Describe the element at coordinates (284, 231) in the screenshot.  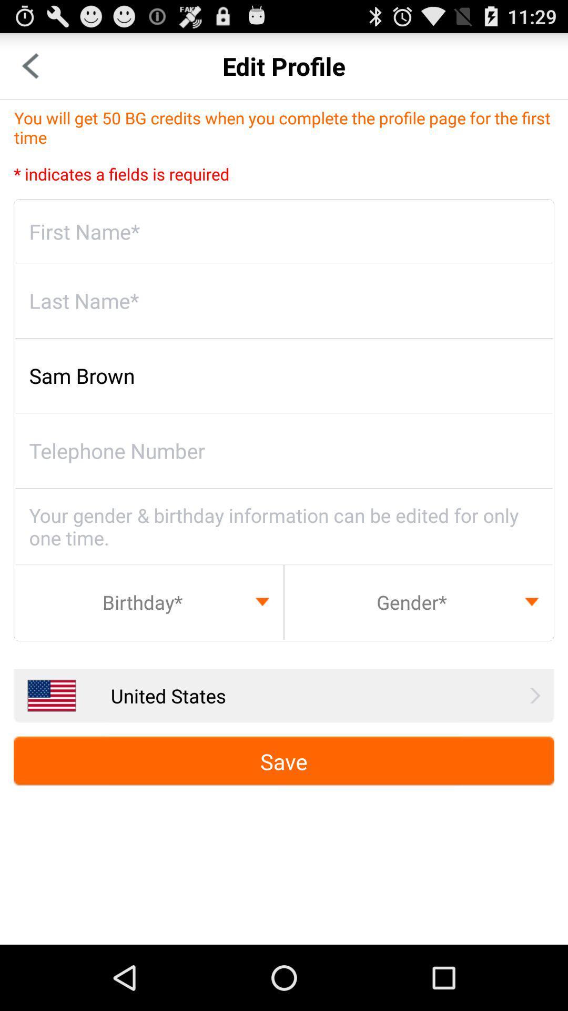
I see `your first name` at that location.